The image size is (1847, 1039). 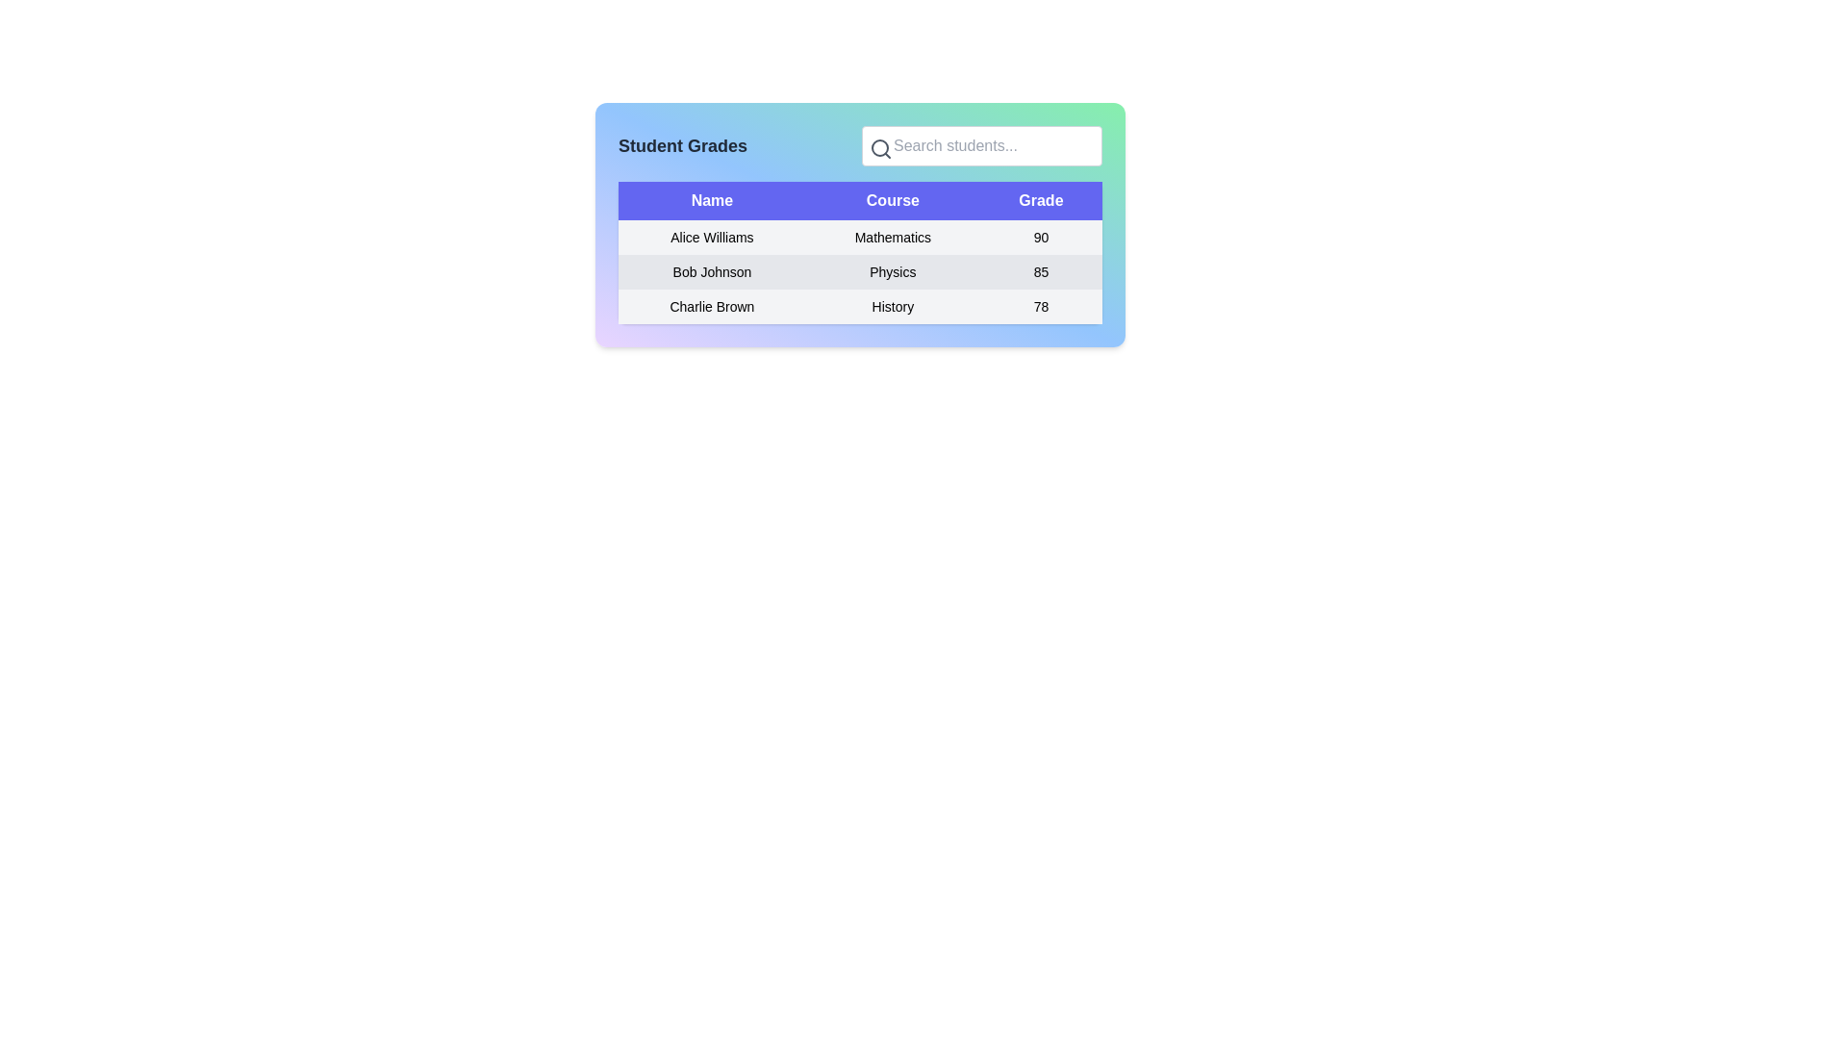 I want to click on the 'History' text label in the Course column under the Charlie Brown row, so click(x=891, y=306).